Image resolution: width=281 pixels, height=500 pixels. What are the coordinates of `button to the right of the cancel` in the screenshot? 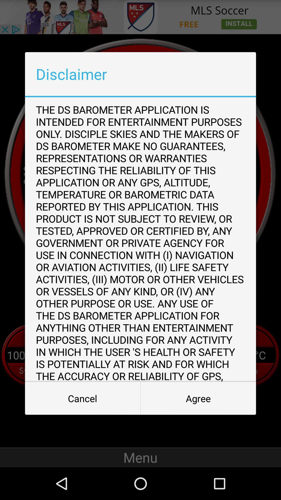 It's located at (198, 398).